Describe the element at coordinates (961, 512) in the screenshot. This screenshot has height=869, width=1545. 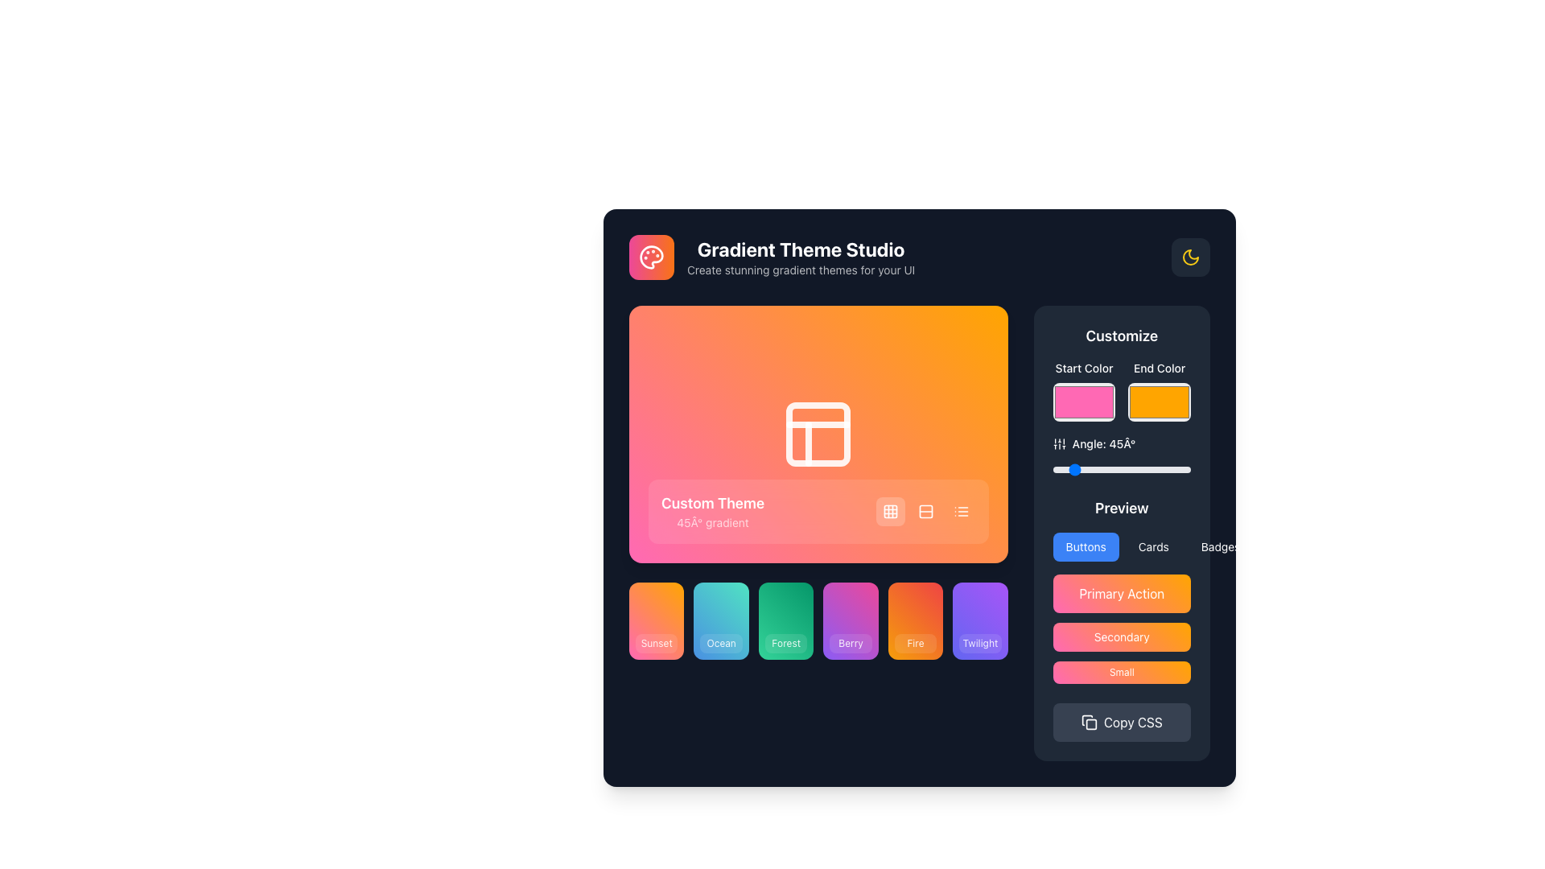
I see `the icon button representing a list with three horizontal lines located in the bottom-right corner of the 'Custom Theme' gradient preview card` at that location.